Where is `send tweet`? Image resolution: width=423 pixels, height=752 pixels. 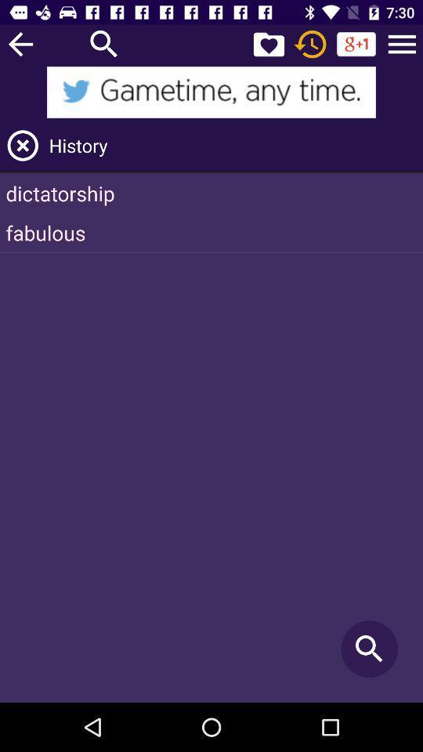
send tweet is located at coordinates (211, 92).